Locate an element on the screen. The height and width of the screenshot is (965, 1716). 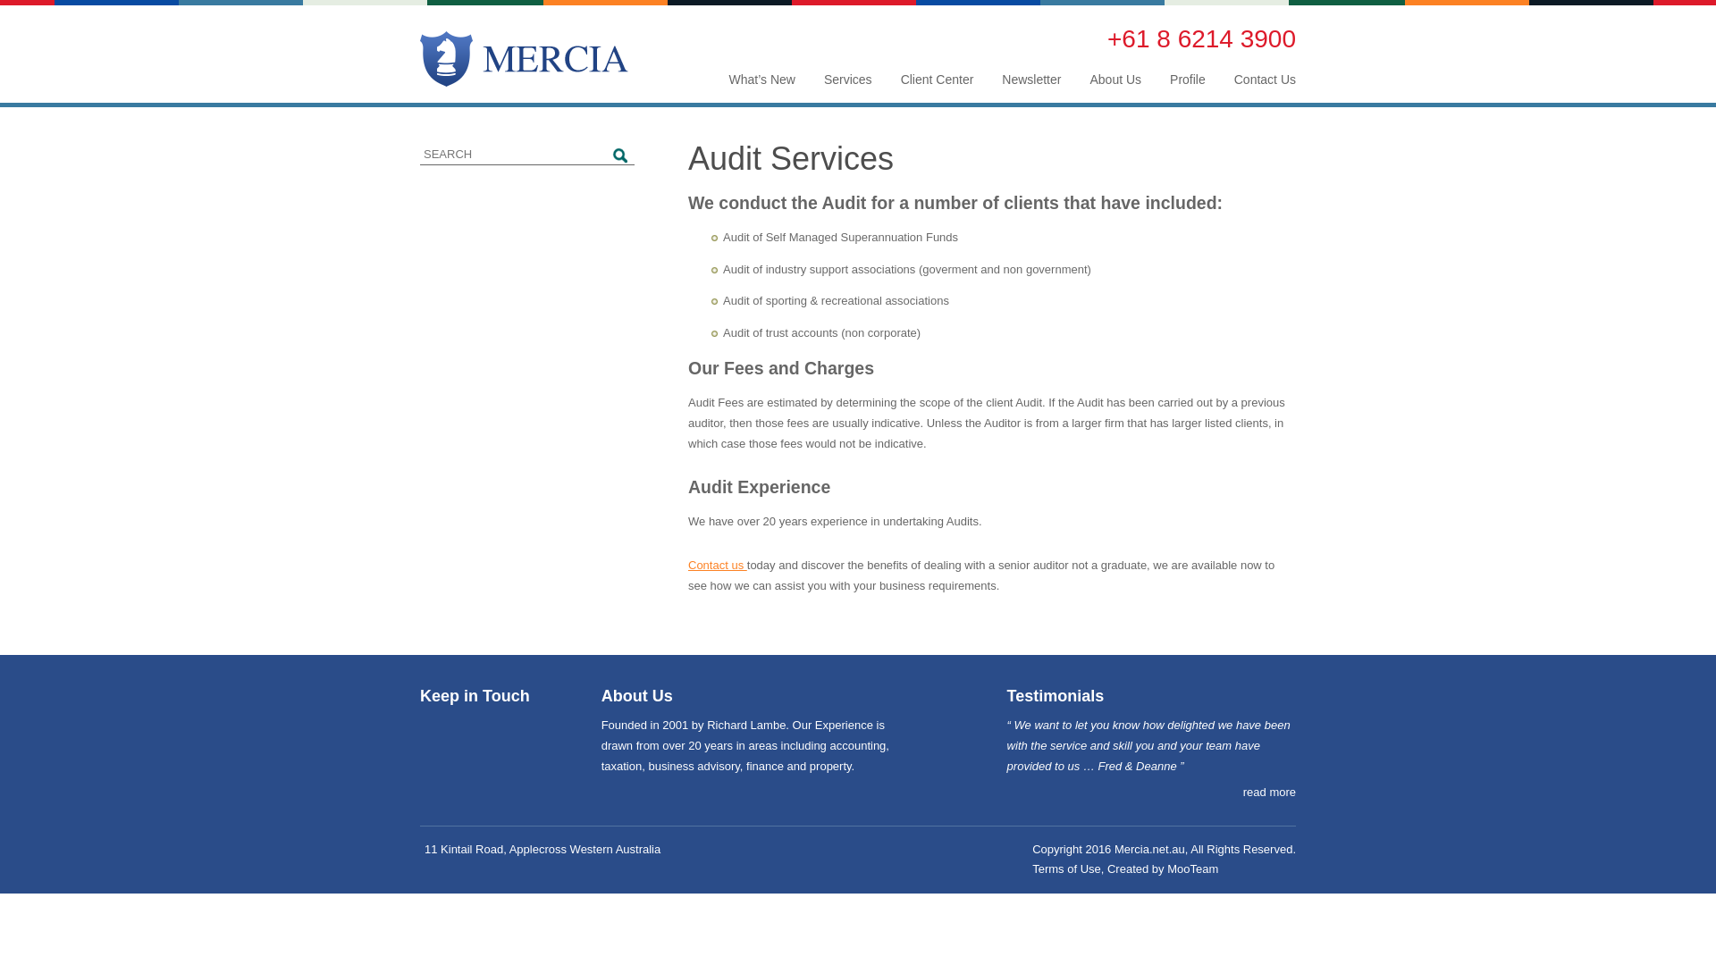
'Contact Us' is located at coordinates (1264, 78).